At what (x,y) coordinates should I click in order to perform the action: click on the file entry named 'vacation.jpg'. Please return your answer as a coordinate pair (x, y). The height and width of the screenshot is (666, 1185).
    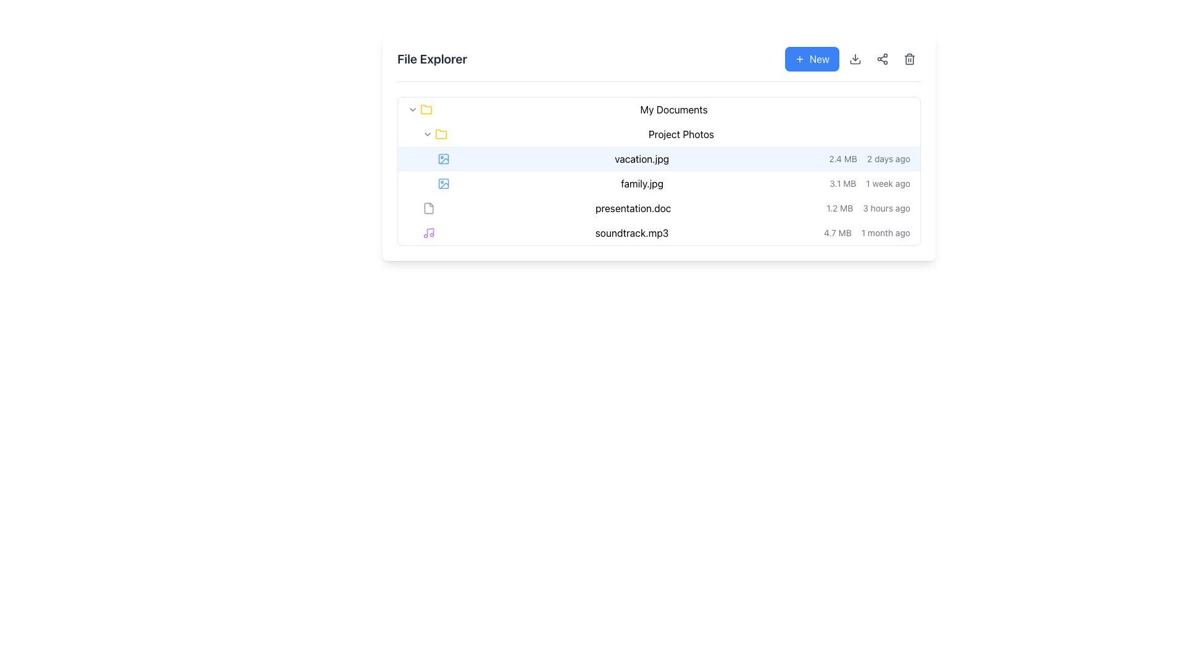
    Looking at the image, I should click on (659, 171).